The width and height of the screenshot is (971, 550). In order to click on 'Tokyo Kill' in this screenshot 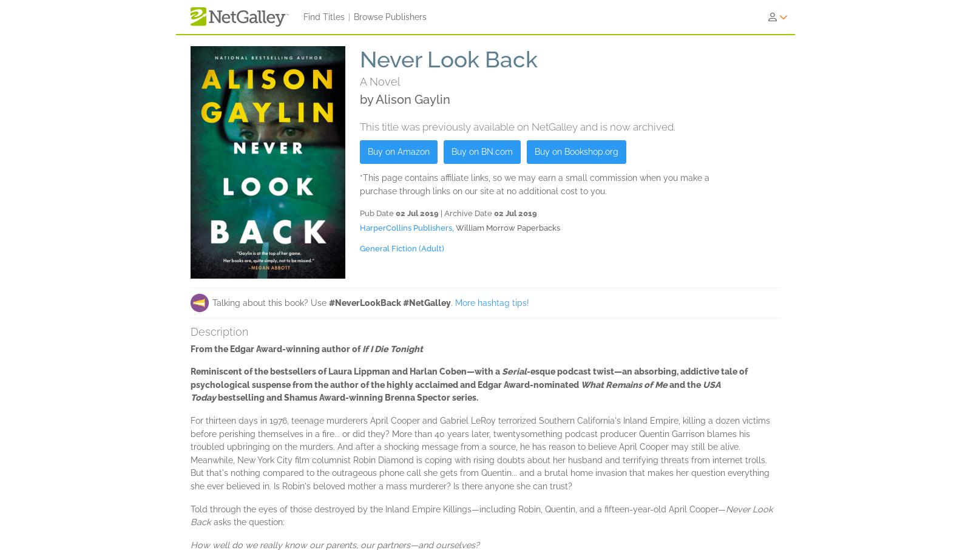, I will do `click(655, 411)`.